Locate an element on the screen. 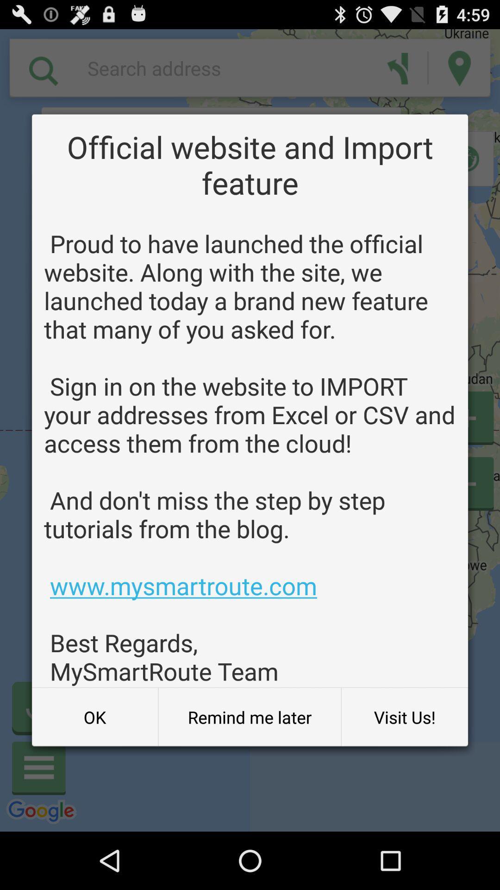 The height and width of the screenshot is (890, 500). the item below the proud to have app is located at coordinates (249, 717).